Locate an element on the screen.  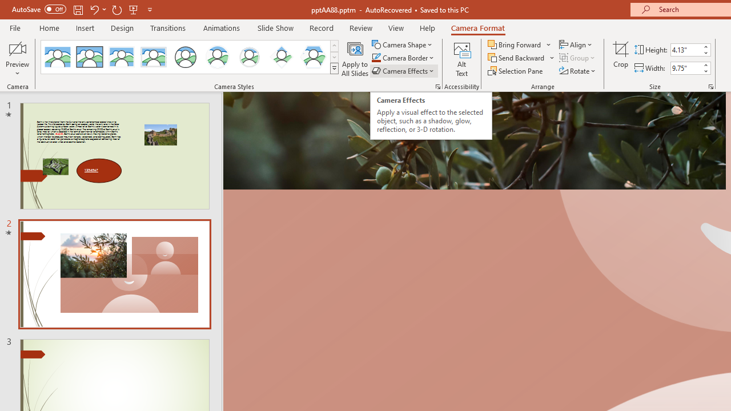
'Group' is located at coordinates (578, 58).